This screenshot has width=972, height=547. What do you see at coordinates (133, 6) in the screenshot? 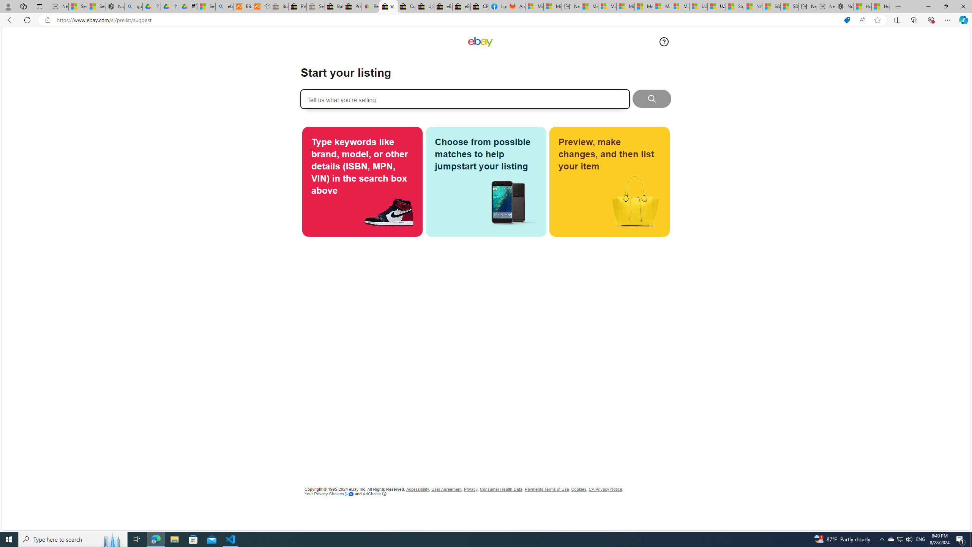
I see `'guge yunpan - Search'` at bounding box center [133, 6].